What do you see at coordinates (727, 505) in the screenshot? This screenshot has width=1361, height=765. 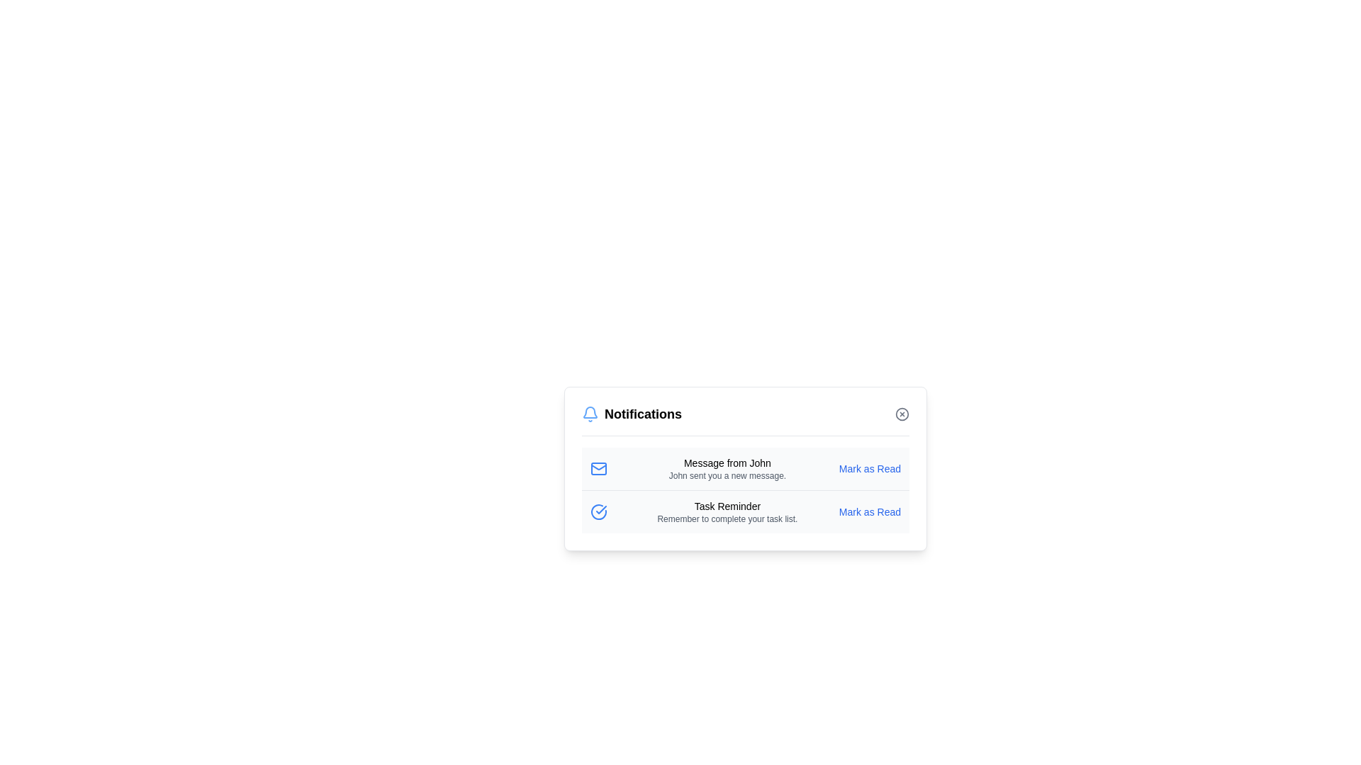 I see `'Task Reminder' text label located in the second notification entry of the notification panel, which serves as a header for the related description below it` at bounding box center [727, 505].